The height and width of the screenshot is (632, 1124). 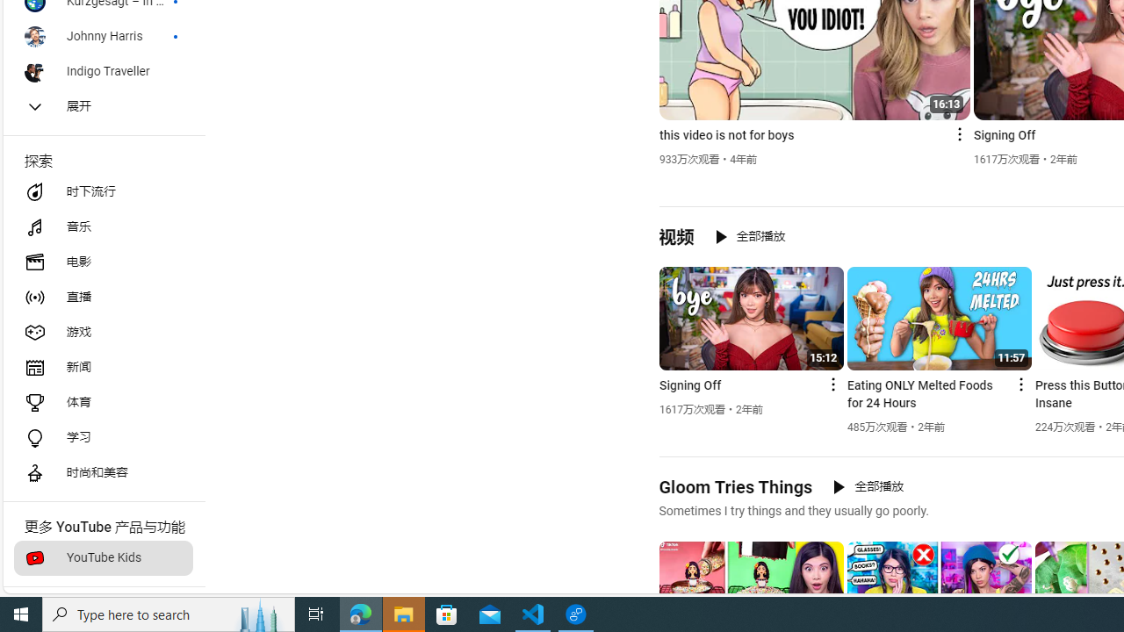 I want to click on 'Gloom Tries Things', so click(x=735, y=486).